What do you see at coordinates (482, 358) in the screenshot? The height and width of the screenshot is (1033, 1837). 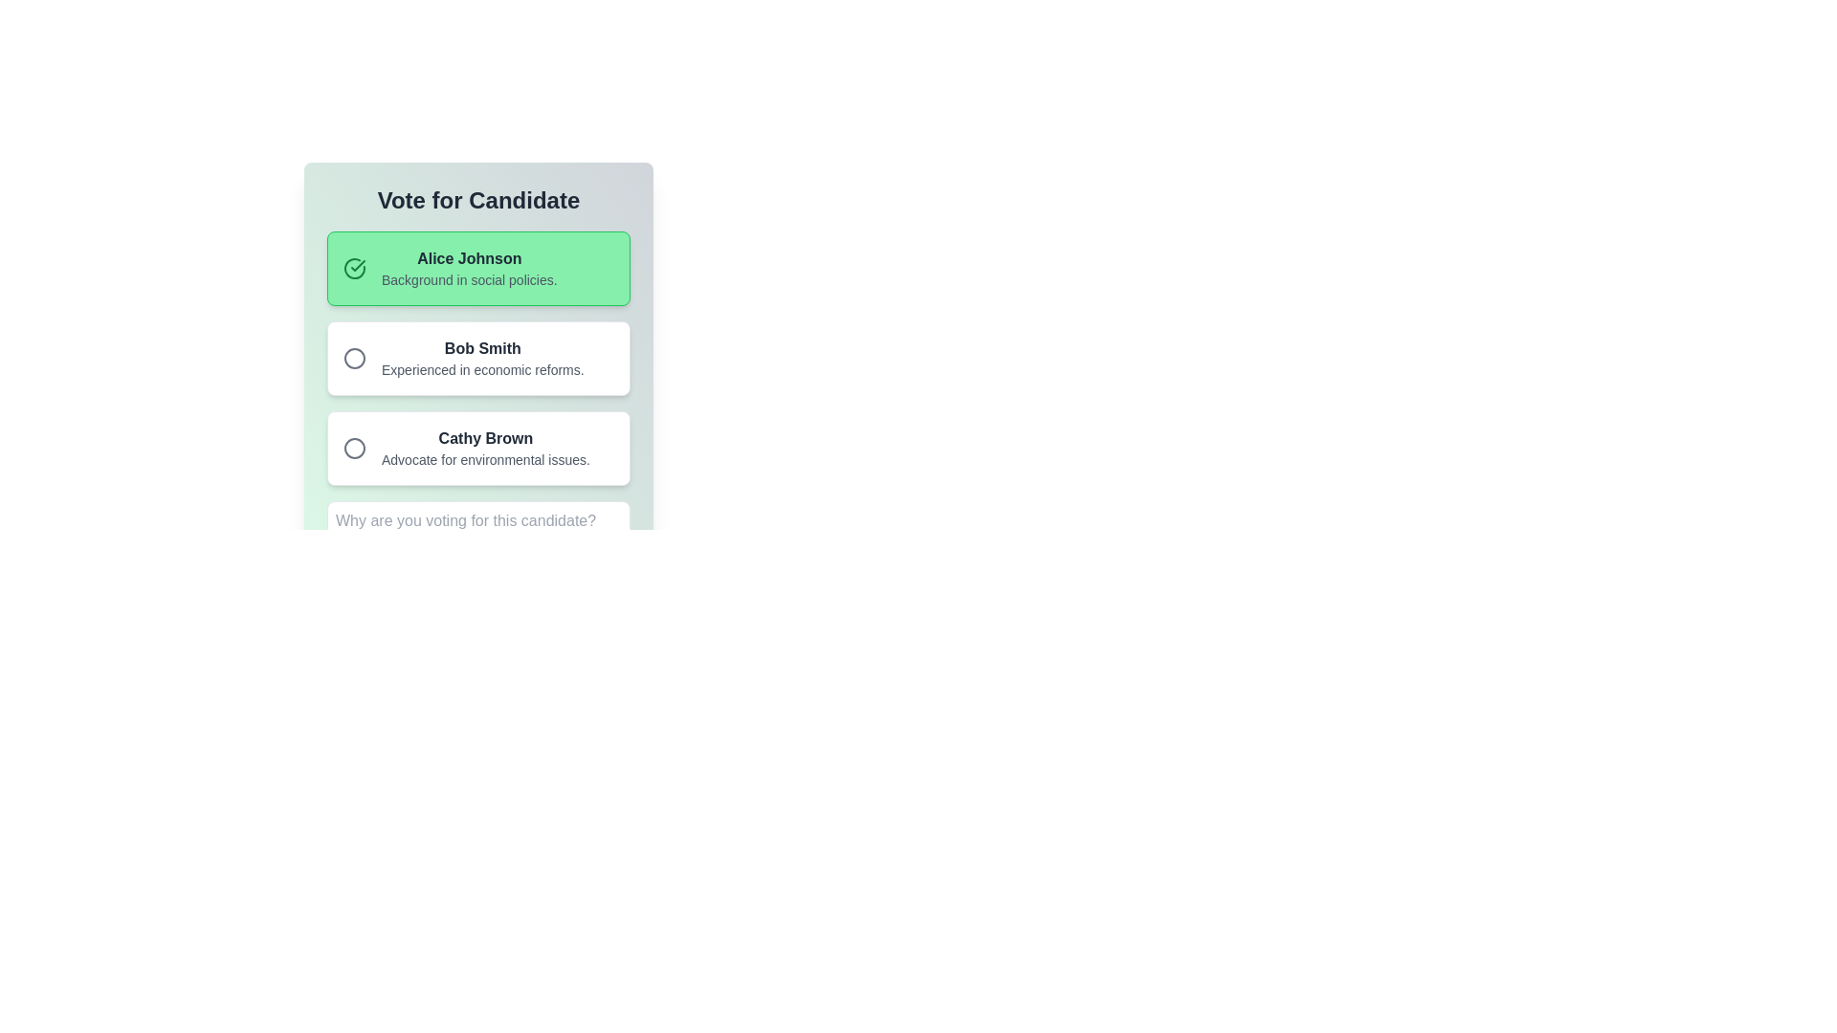 I see `the informational display that provides details about the candidate, positioned as the second option in the list, between 'Alice Johnson' and 'Cathy Brown'` at bounding box center [482, 358].